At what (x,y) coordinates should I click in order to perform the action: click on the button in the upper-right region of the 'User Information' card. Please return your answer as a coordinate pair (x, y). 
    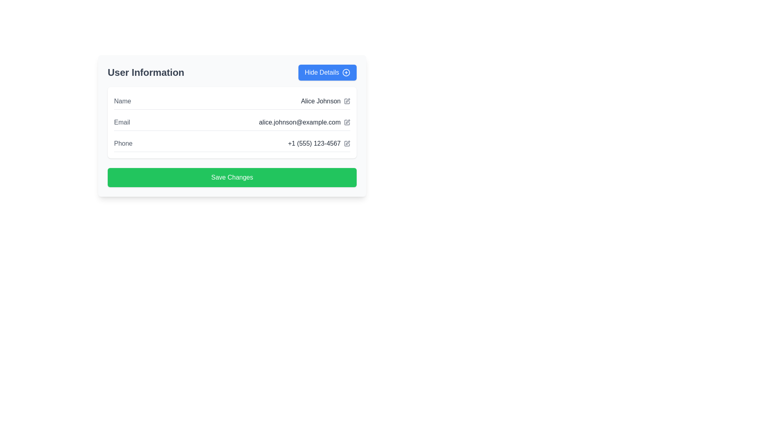
    Looking at the image, I should click on (327, 72).